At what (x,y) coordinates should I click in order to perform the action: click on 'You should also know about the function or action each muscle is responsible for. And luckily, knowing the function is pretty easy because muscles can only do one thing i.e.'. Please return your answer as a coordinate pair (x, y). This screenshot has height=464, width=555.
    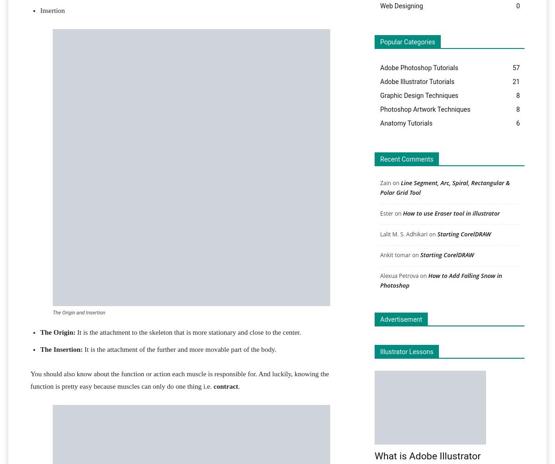
    Looking at the image, I should click on (179, 380).